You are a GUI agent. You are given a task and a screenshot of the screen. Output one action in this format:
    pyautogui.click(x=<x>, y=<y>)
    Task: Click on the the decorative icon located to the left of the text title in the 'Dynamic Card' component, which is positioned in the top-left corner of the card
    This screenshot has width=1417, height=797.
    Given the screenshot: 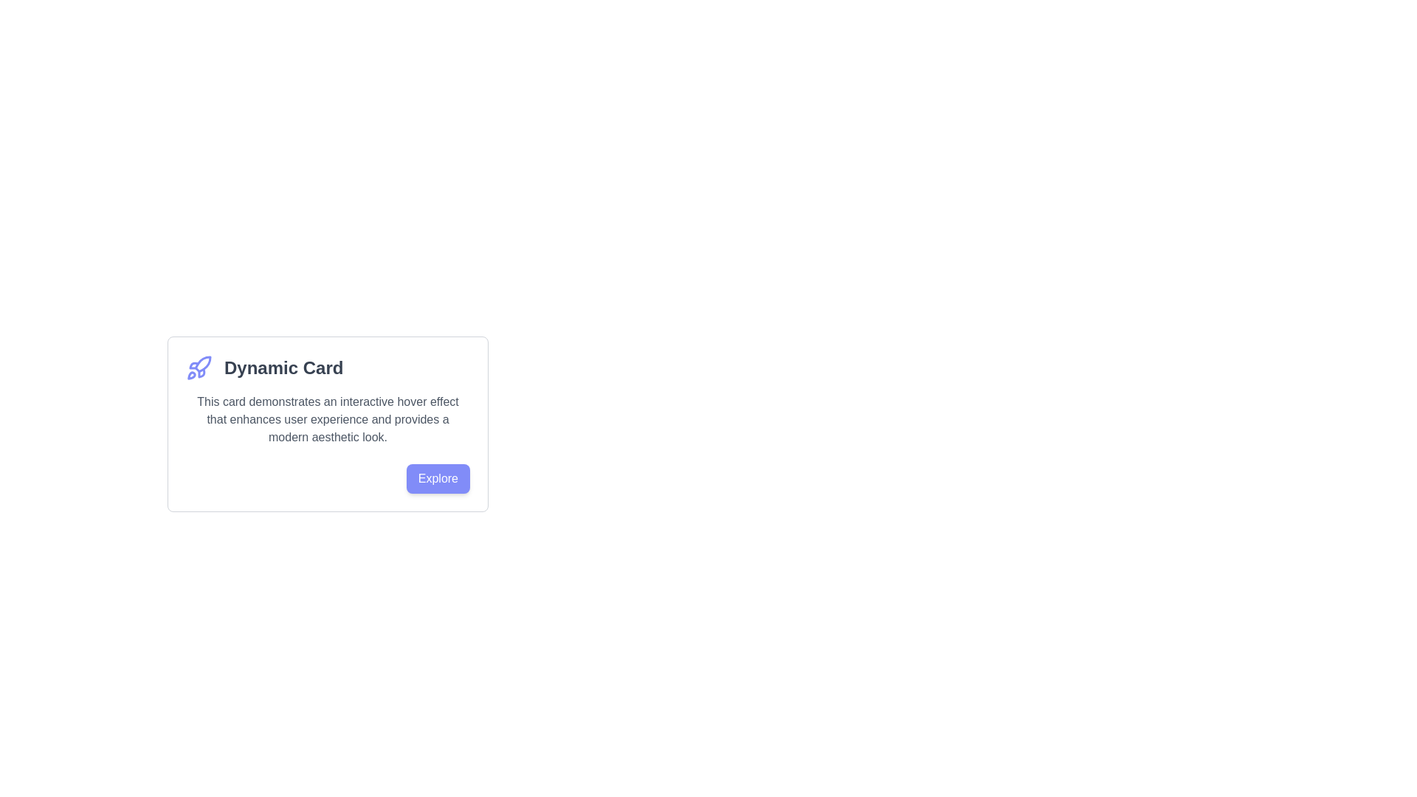 What is the action you would take?
    pyautogui.click(x=198, y=367)
    